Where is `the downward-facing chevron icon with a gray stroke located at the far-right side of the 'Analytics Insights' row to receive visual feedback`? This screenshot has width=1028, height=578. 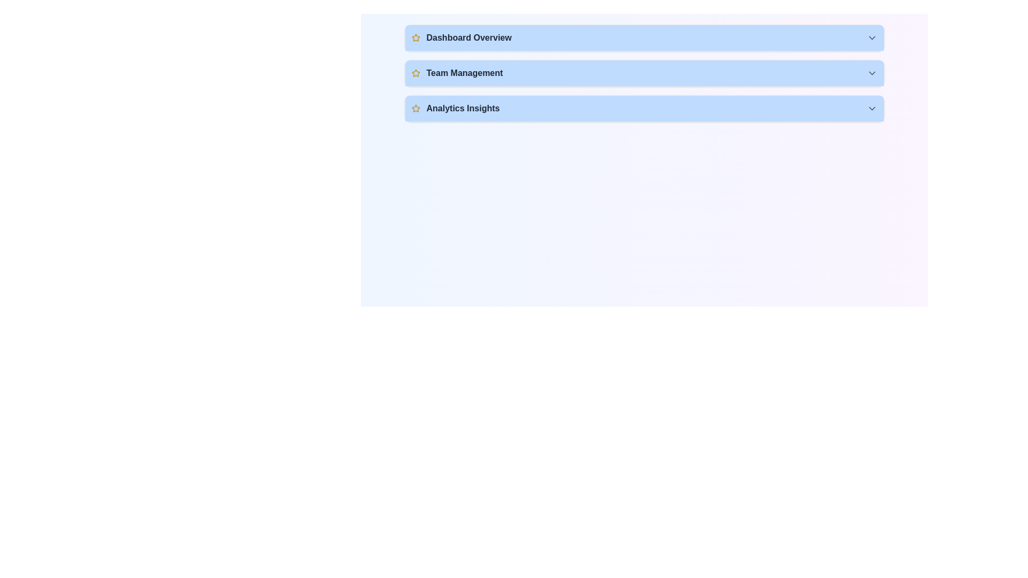
the downward-facing chevron icon with a gray stroke located at the far-right side of the 'Analytics Insights' row to receive visual feedback is located at coordinates (872, 109).